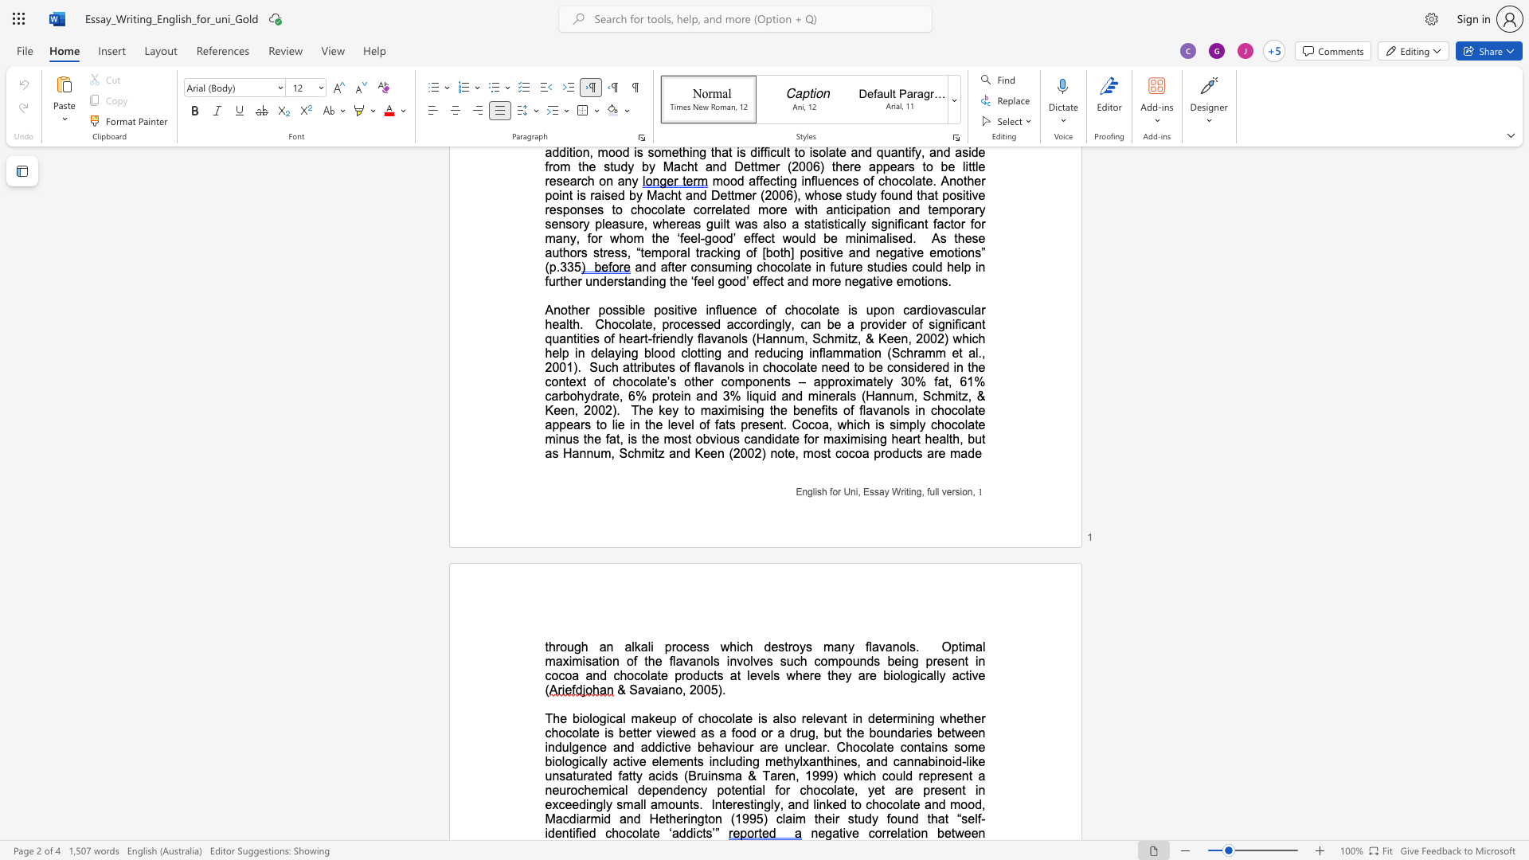  I want to click on the space between the continuous character "a" and "l" in the text, so click(944, 439).